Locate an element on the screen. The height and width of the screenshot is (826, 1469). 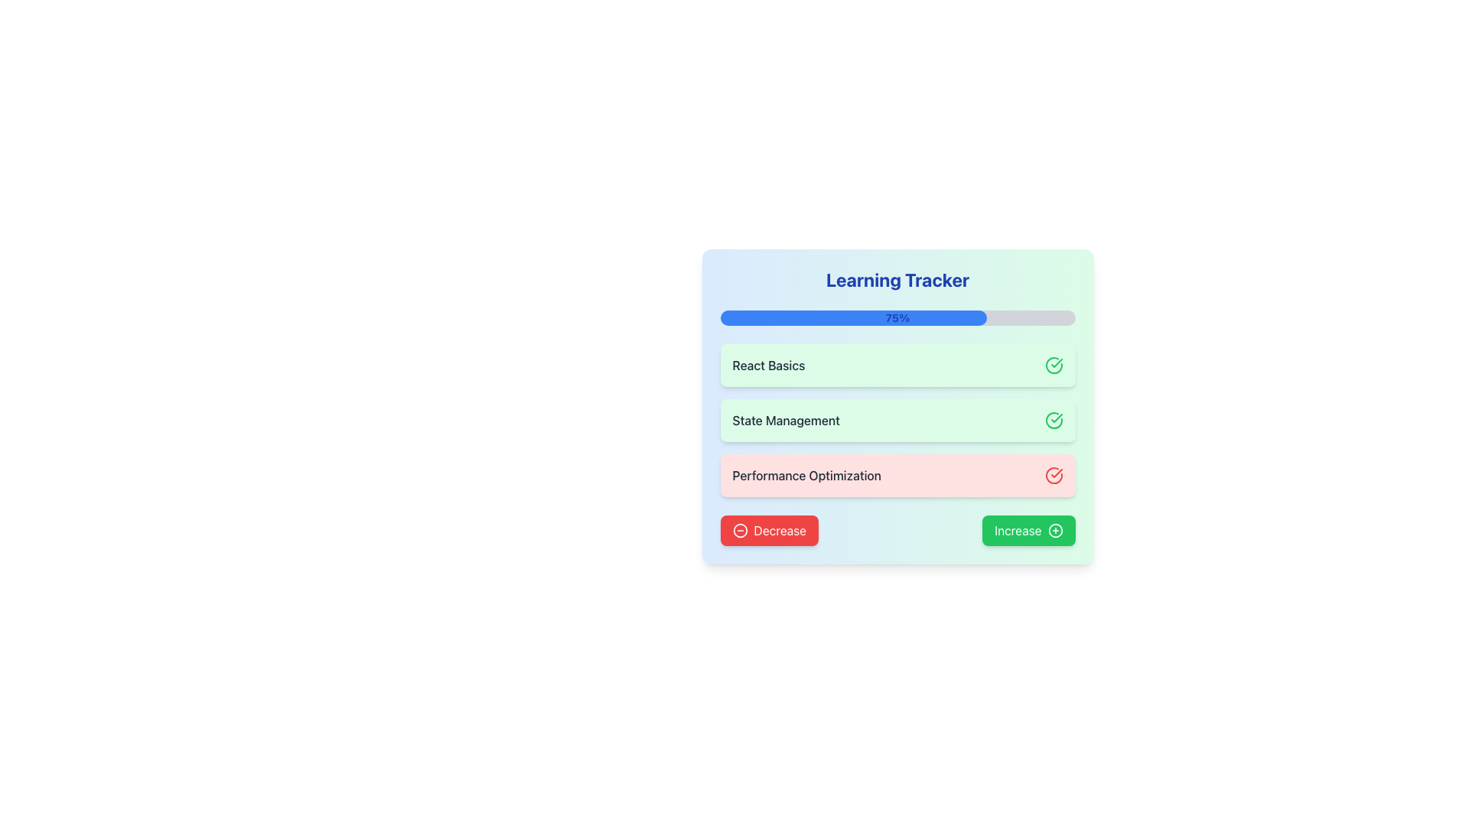
the green check mark icon located at the right end of the 'React Basics' item row within the 'Learning Tracker' section is located at coordinates (1056, 418).